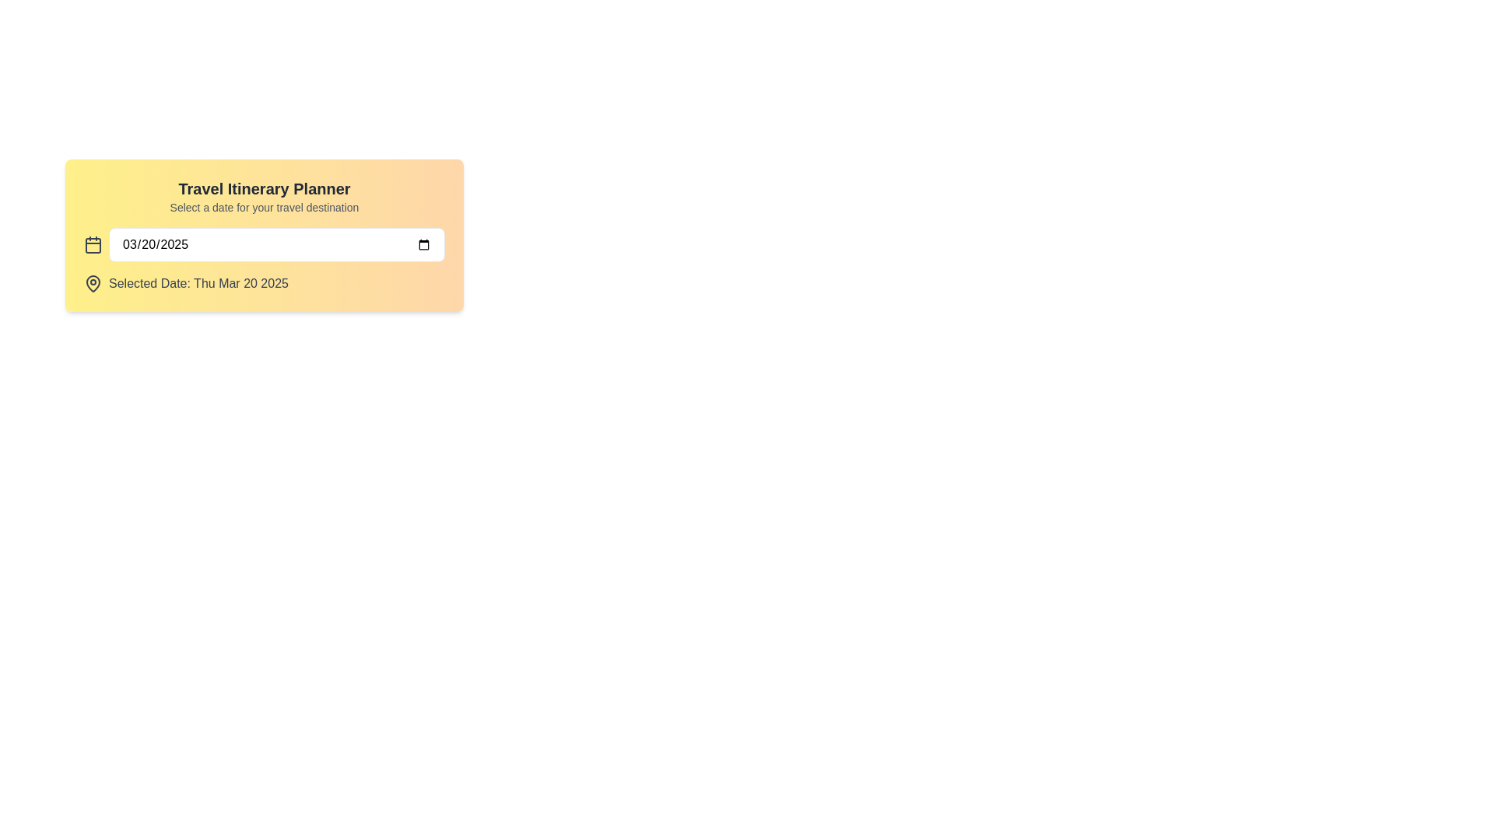 This screenshot has height=840, width=1494. I want to click on the map pin icon, which is gray and resembles a location marker, positioned to the left of the date label 'Selected Date: Thu Mar 20 2025', so click(93, 284).